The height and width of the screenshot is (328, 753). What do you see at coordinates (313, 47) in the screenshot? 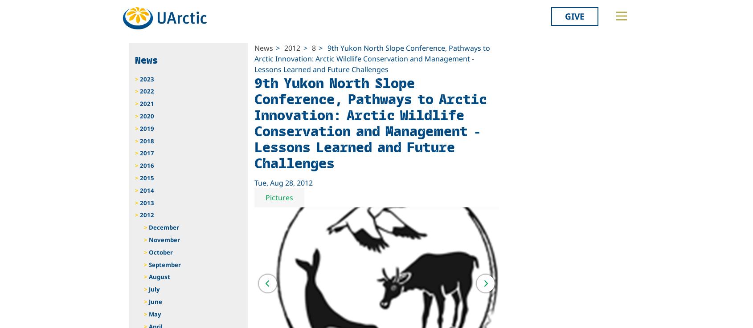
I see `'8'` at bounding box center [313, 47].